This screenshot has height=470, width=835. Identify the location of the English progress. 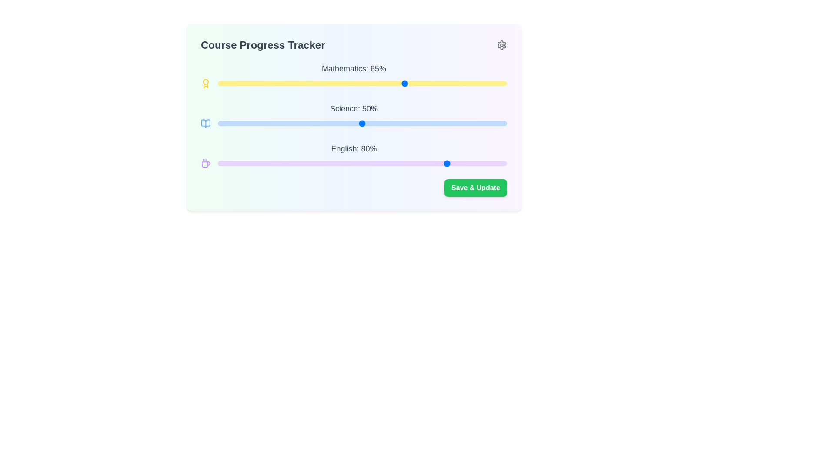
(474, 163).